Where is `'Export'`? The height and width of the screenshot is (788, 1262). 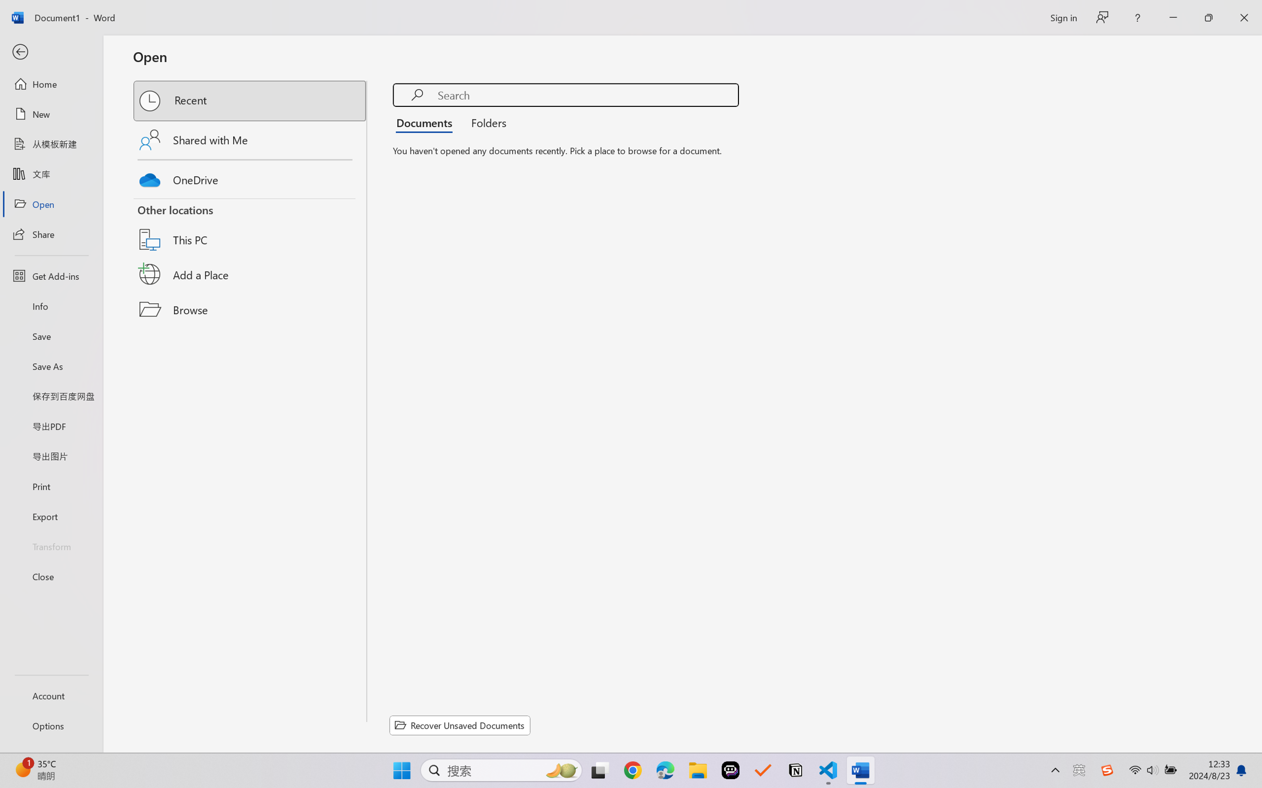 'Export' is located at coordinates (51, 515).